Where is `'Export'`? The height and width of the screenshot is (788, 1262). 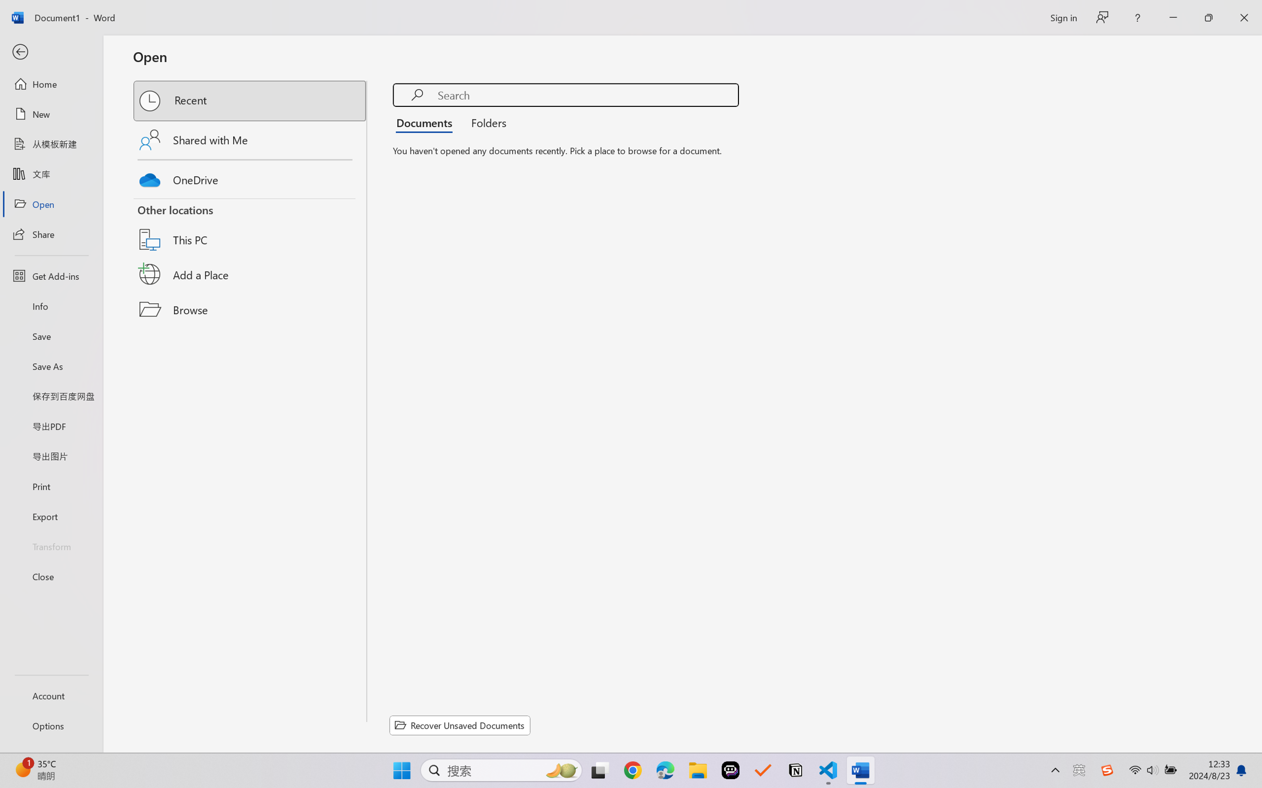 'Export' is located at coordinates (51, 515).